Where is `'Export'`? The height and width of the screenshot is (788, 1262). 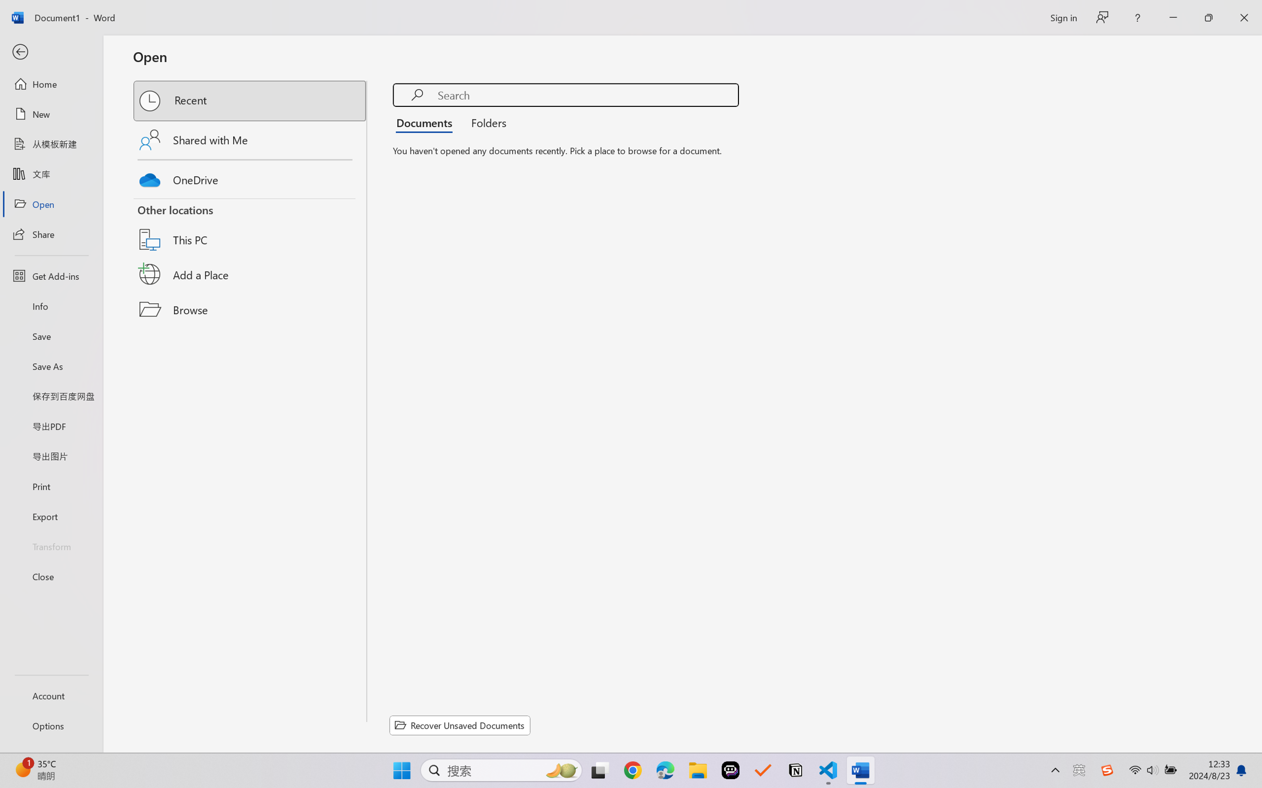 'Export' is located at coordinates (51, 515).